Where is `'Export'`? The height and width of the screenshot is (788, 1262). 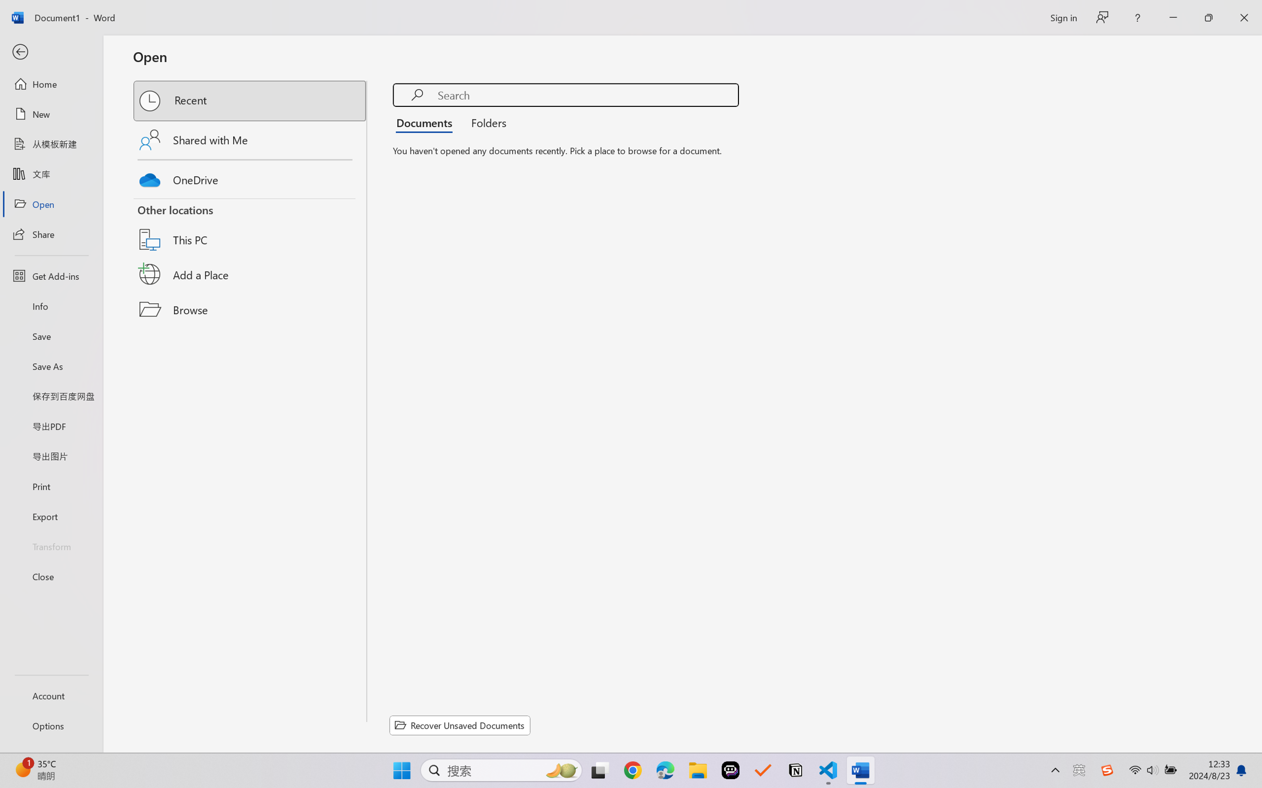 'Export' is located at coordinates (51, 515).